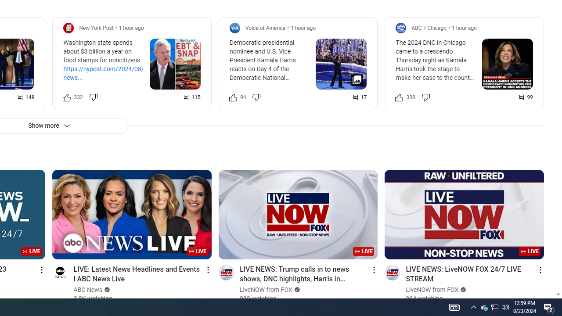 This screenshot has width=562, height=316. What do you see at coordinates (112, 73) in the screenshot?
I see `'https://nypost.com/2024/08/21/us-news...'` at bounding box center [112, 73].